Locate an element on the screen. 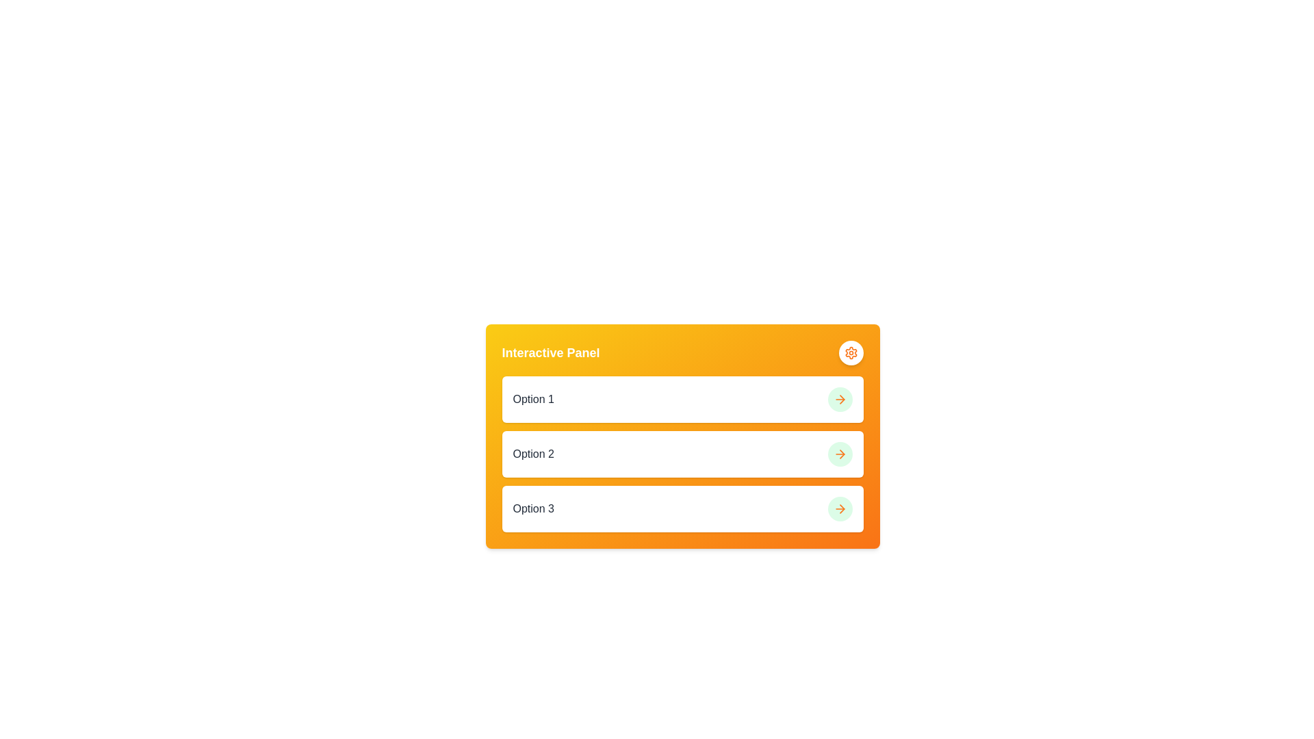  the green circular button-like component that acts as a navigation or confirmation button for the second option in the vertical list is located at coordinates (839, 399).